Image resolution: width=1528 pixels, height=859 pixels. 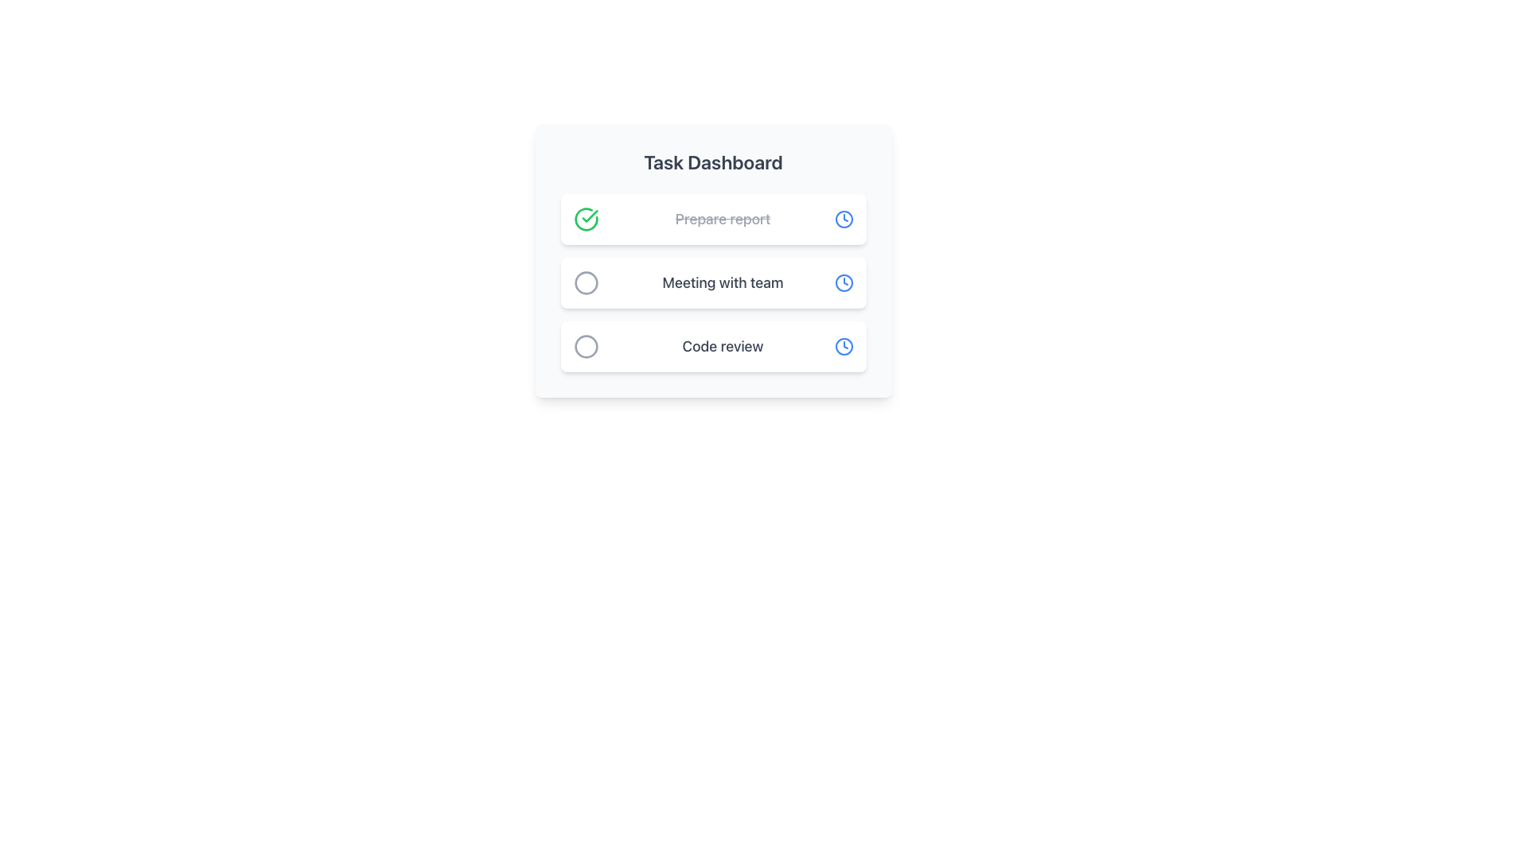 What do you see at coordinates (843, 282) in the screenshot?
I see `the time-related indicator icon located to the far right of the 'Meeting with team' content area in the second row of the task list interface` at bounding box center [843, 282].